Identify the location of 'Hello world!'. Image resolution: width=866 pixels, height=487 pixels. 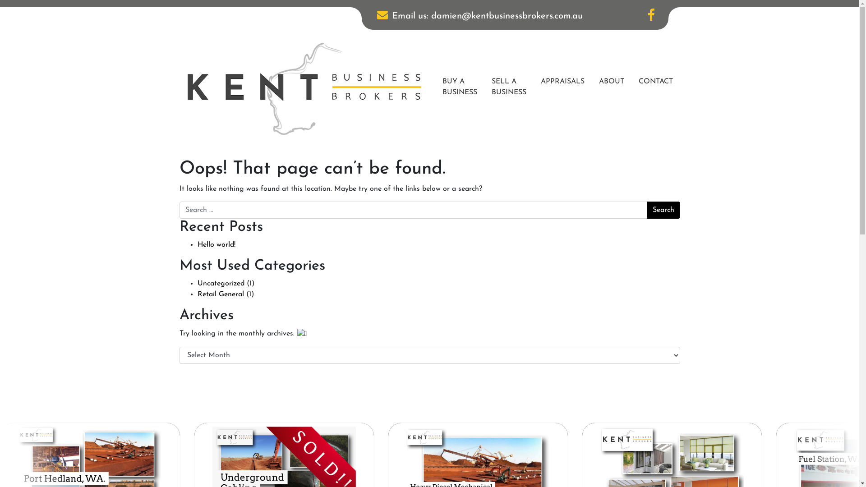
(197, 245).